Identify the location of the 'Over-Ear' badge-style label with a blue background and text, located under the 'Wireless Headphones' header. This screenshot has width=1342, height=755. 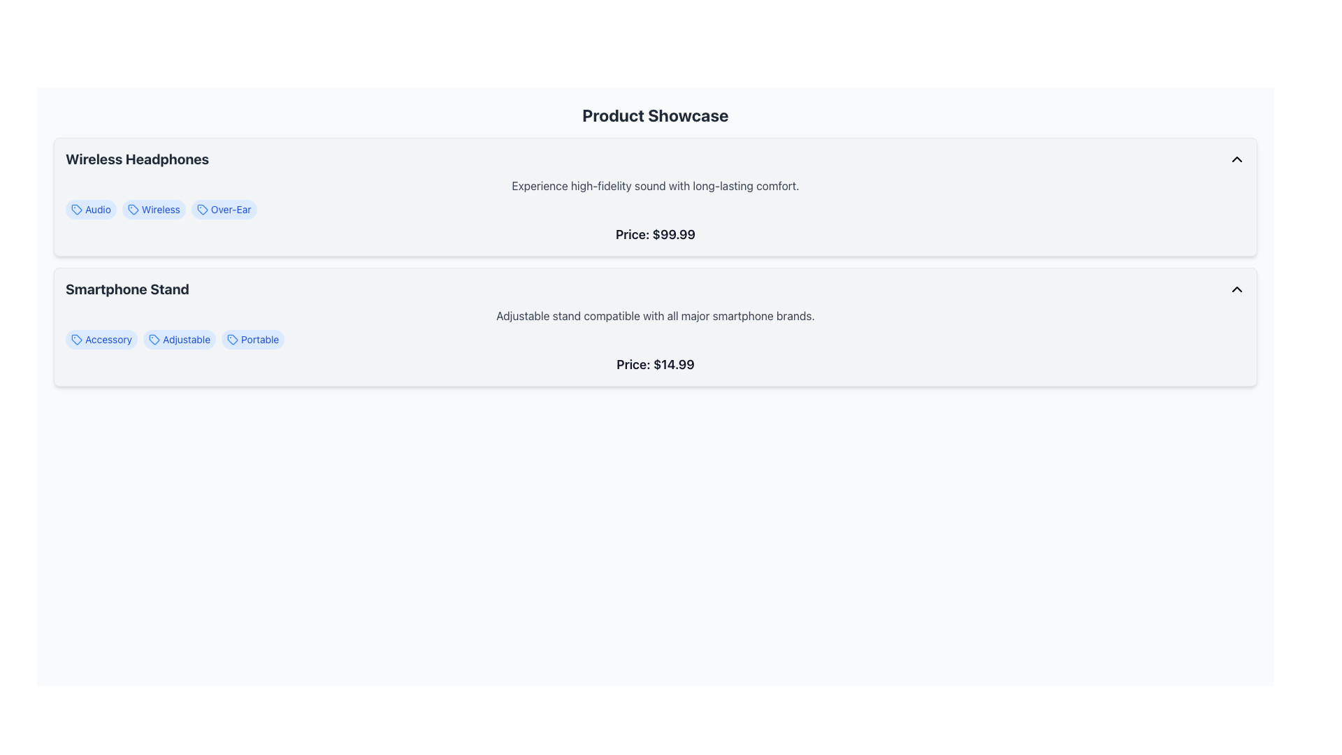
(224, 210).